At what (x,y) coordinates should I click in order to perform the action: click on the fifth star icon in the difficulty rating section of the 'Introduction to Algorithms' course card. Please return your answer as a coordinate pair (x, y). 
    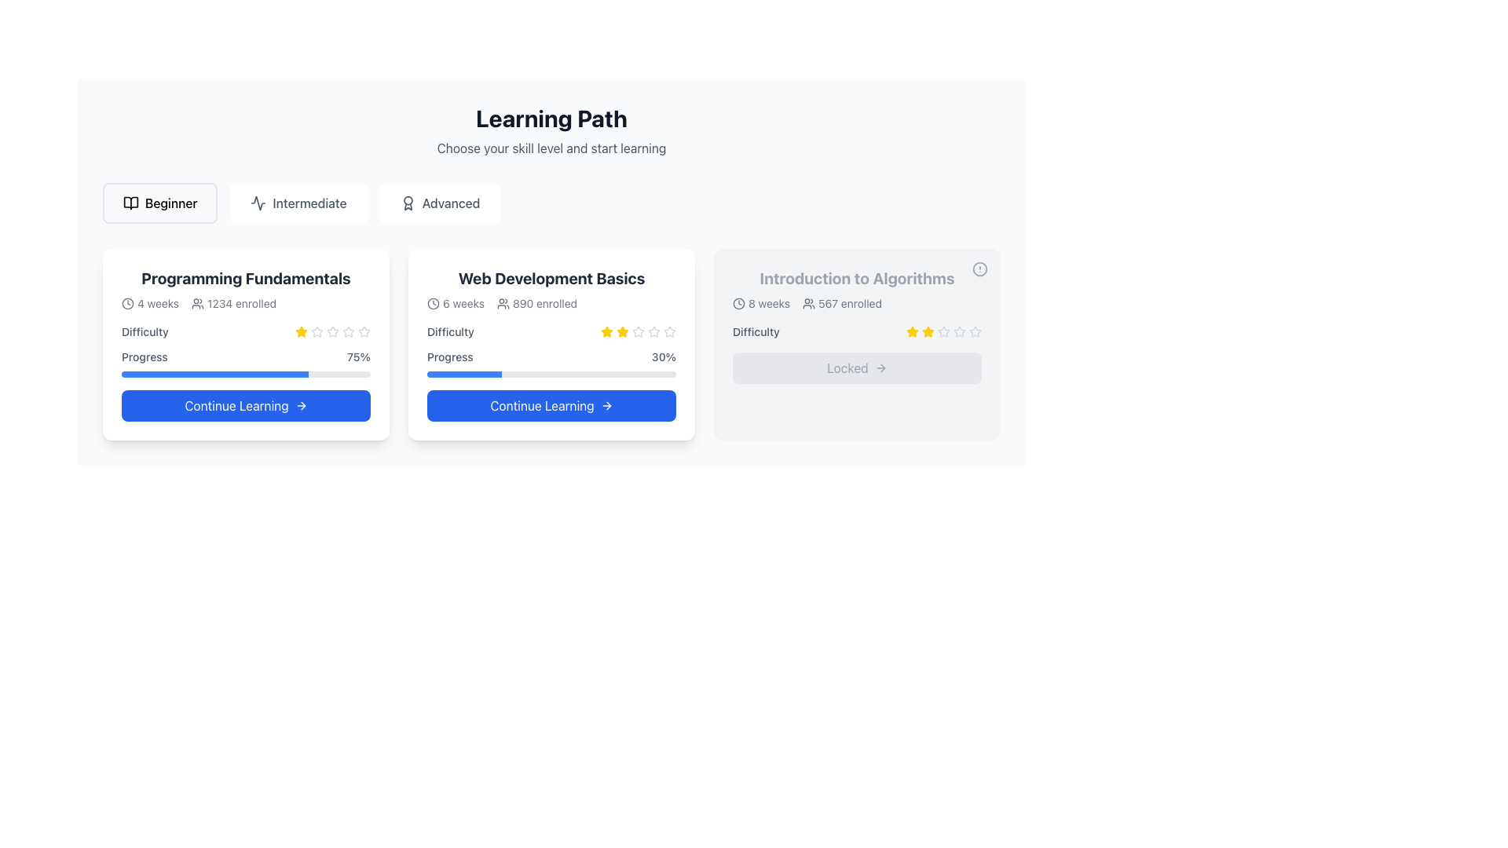
    Looking at the image, I should click on (959, 331).